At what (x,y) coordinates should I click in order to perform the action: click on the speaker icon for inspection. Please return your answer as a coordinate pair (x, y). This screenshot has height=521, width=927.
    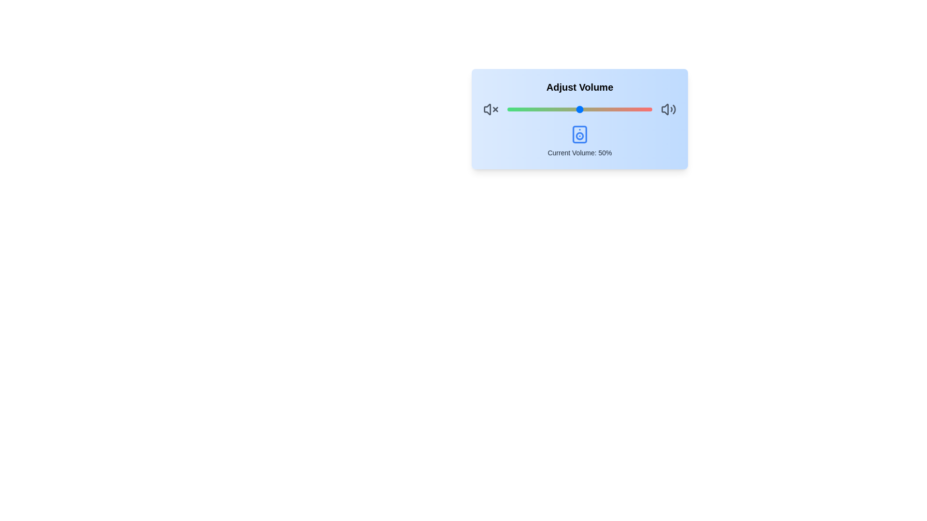
    Looking at the image, I should click on (579, 134).